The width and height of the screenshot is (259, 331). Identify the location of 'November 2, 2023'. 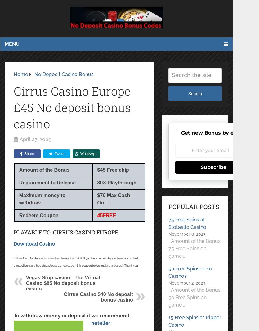
(186, 282).